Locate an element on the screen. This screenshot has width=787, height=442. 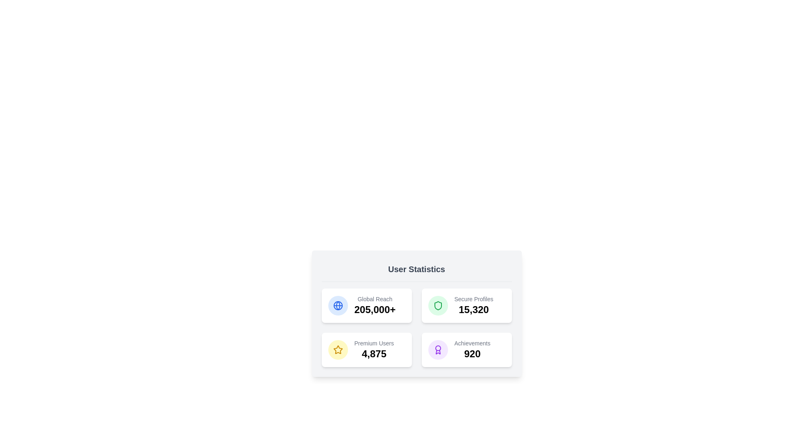
the 'Achievements' summary card located at the bottom-right corner of the grid layout is located at coordinates (466, 350).